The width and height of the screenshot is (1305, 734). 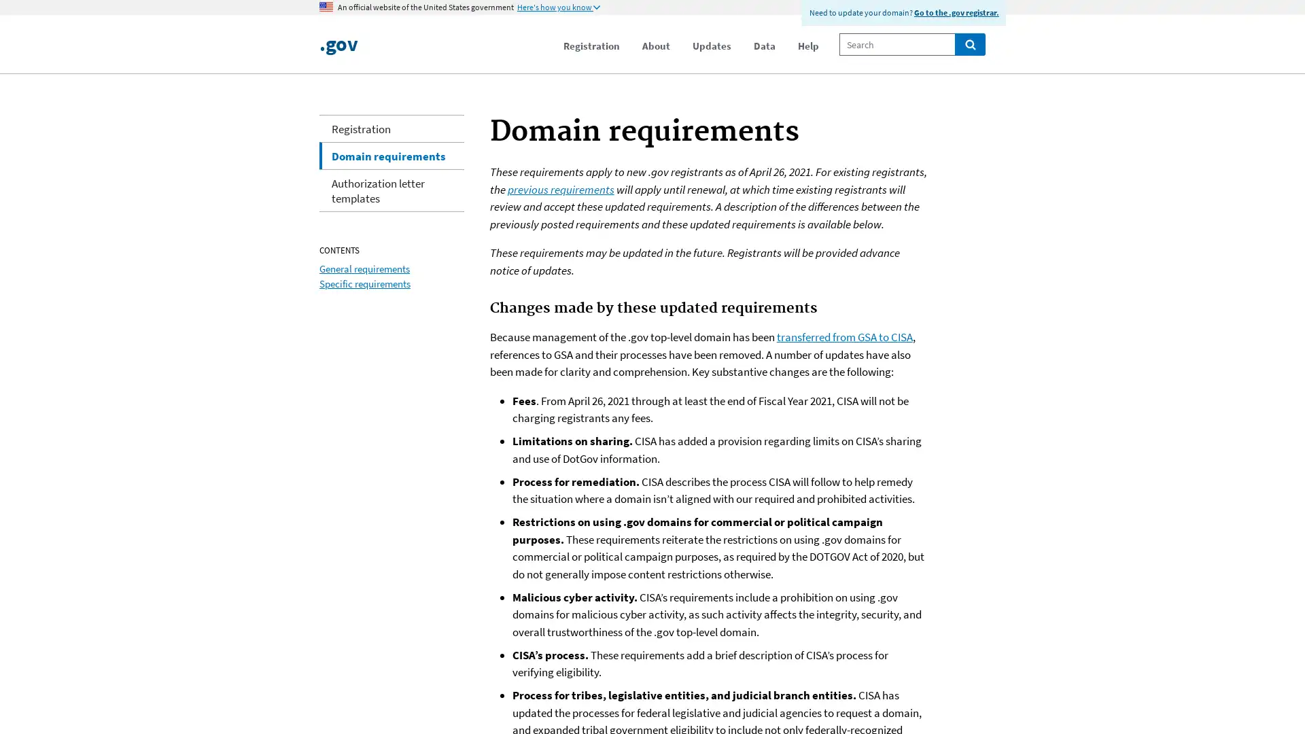 What do you see at coordinates (969, 43) in the screenshot?
I see `Search` at bounding box center [969, 43].